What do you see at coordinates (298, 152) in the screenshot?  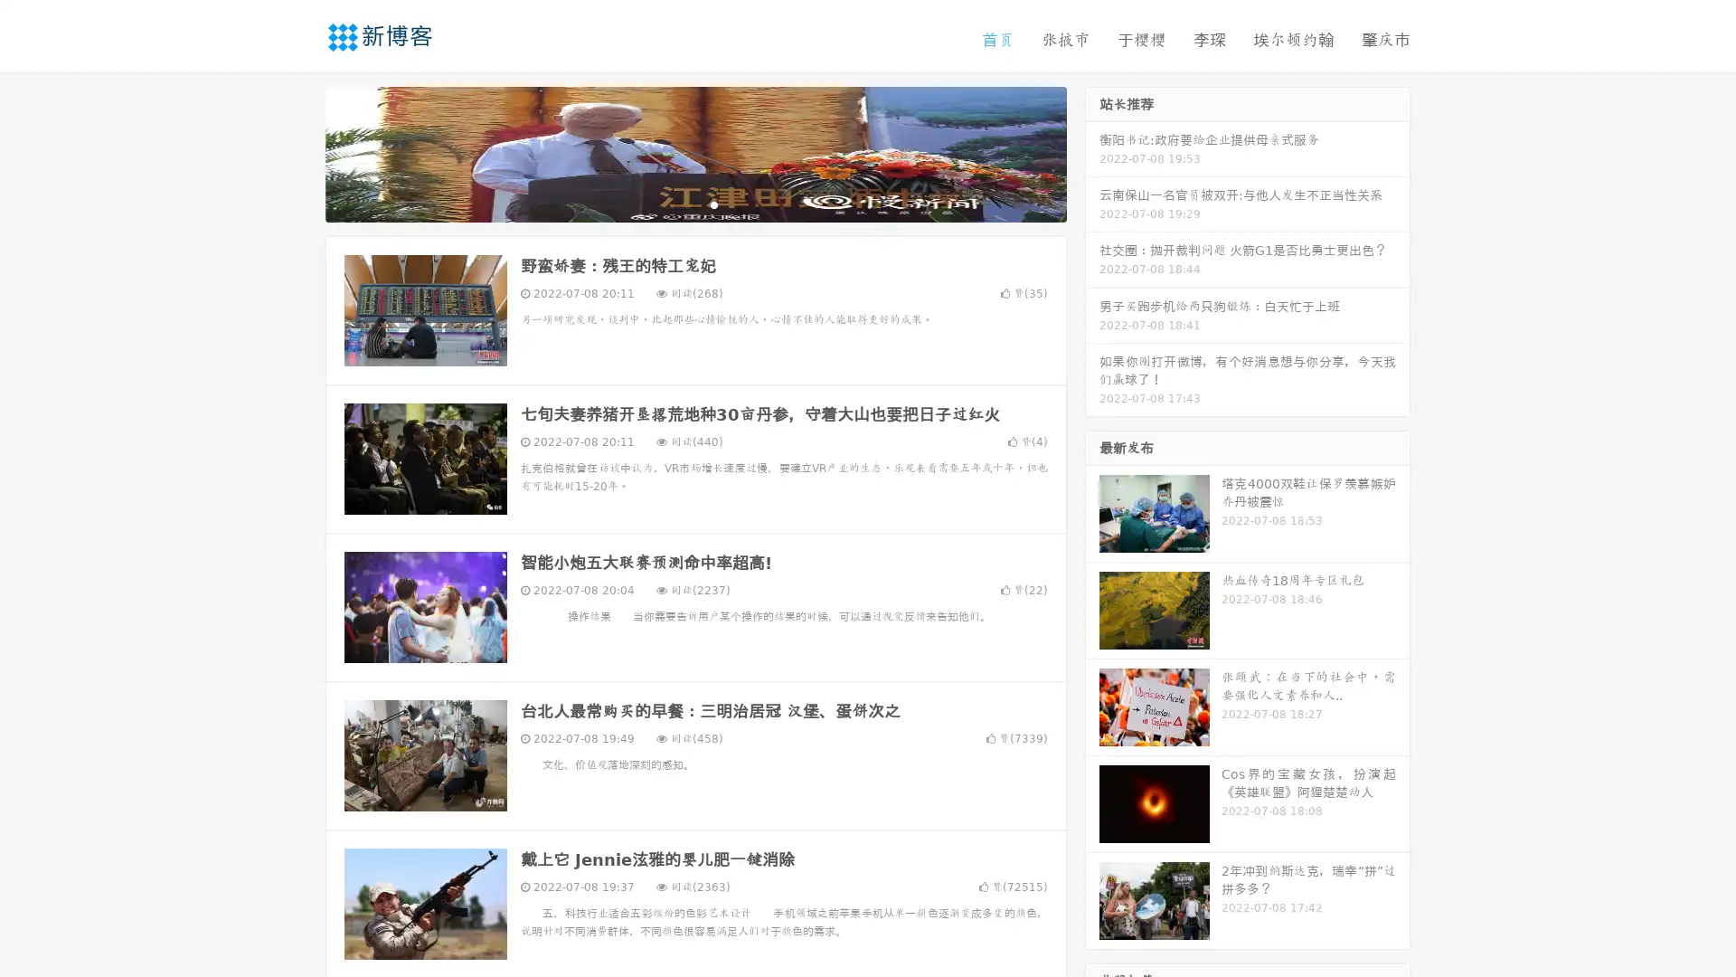 I see `Previous slide` at bounding box center [298, 152].